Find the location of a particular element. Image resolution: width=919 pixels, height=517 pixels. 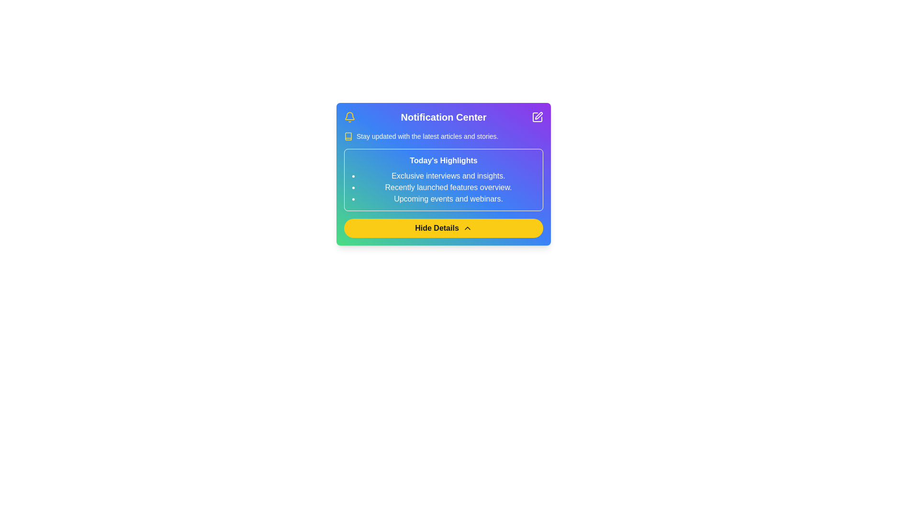

the small chevron-up icon with a thin outline on a yellow button labeled 'Hide Details' is located at coordinates (467, 228).